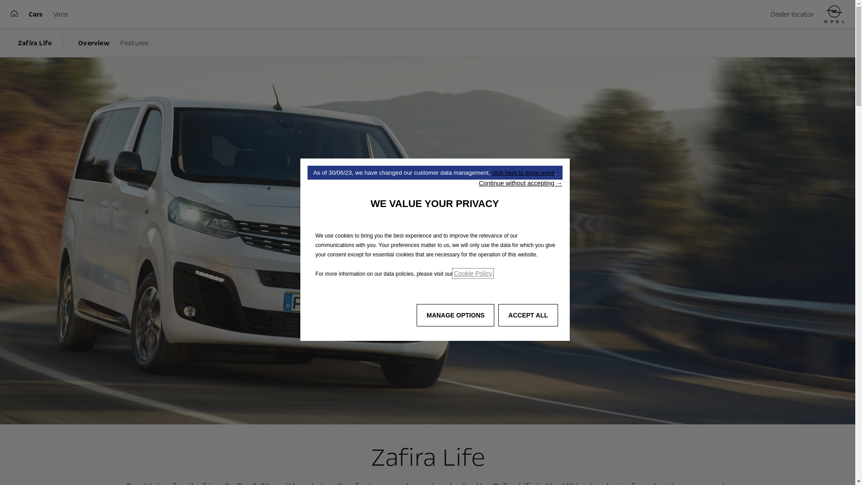  I want to click on 'Zafira Life', so click(36, 43).